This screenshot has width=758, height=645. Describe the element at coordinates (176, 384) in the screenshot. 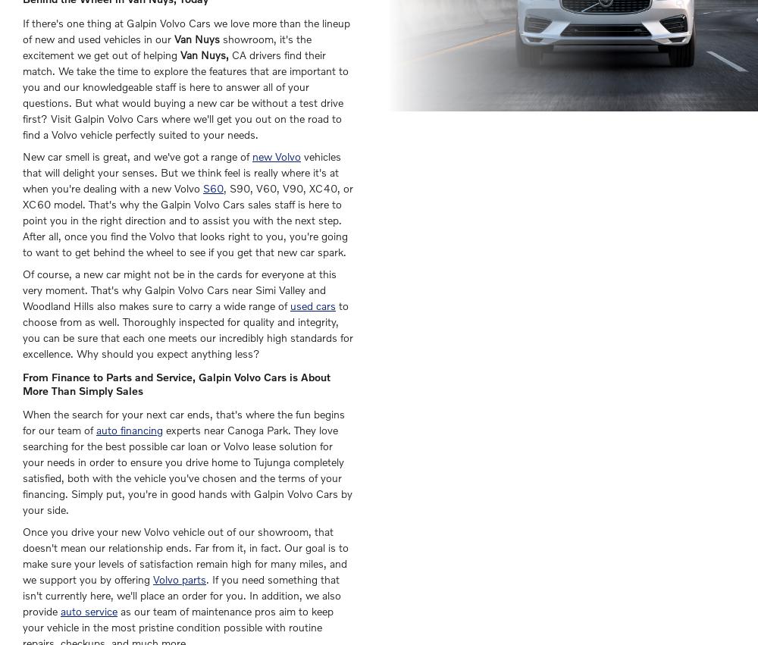

I see `'From Finance to Parts and Service, Galpin Volvo Cars is About More Than Simply Sales'` at that location.